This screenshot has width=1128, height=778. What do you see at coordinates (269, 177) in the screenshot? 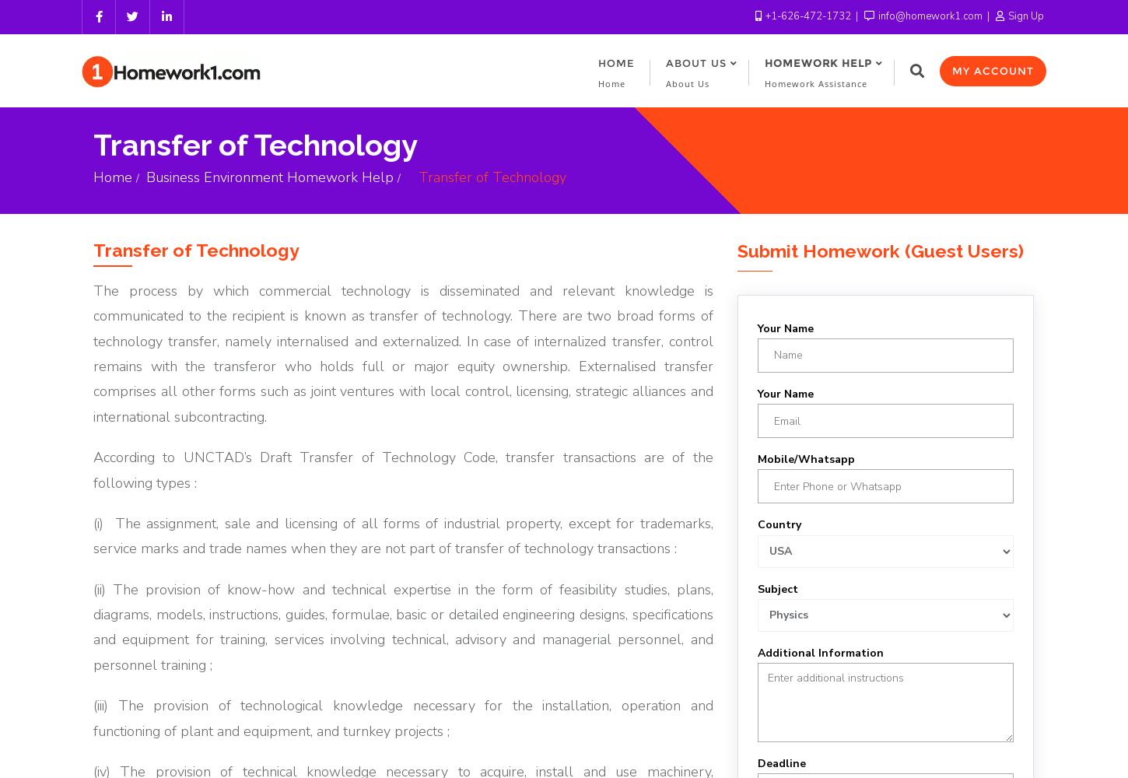
I see `'Business Environment Homework Help'` at bounding box center [269, 177].